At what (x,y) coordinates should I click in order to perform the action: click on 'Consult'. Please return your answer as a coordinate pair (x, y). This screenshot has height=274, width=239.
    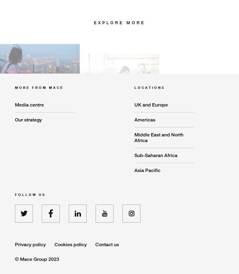
    Looking at the image, I should click on (94, 48).